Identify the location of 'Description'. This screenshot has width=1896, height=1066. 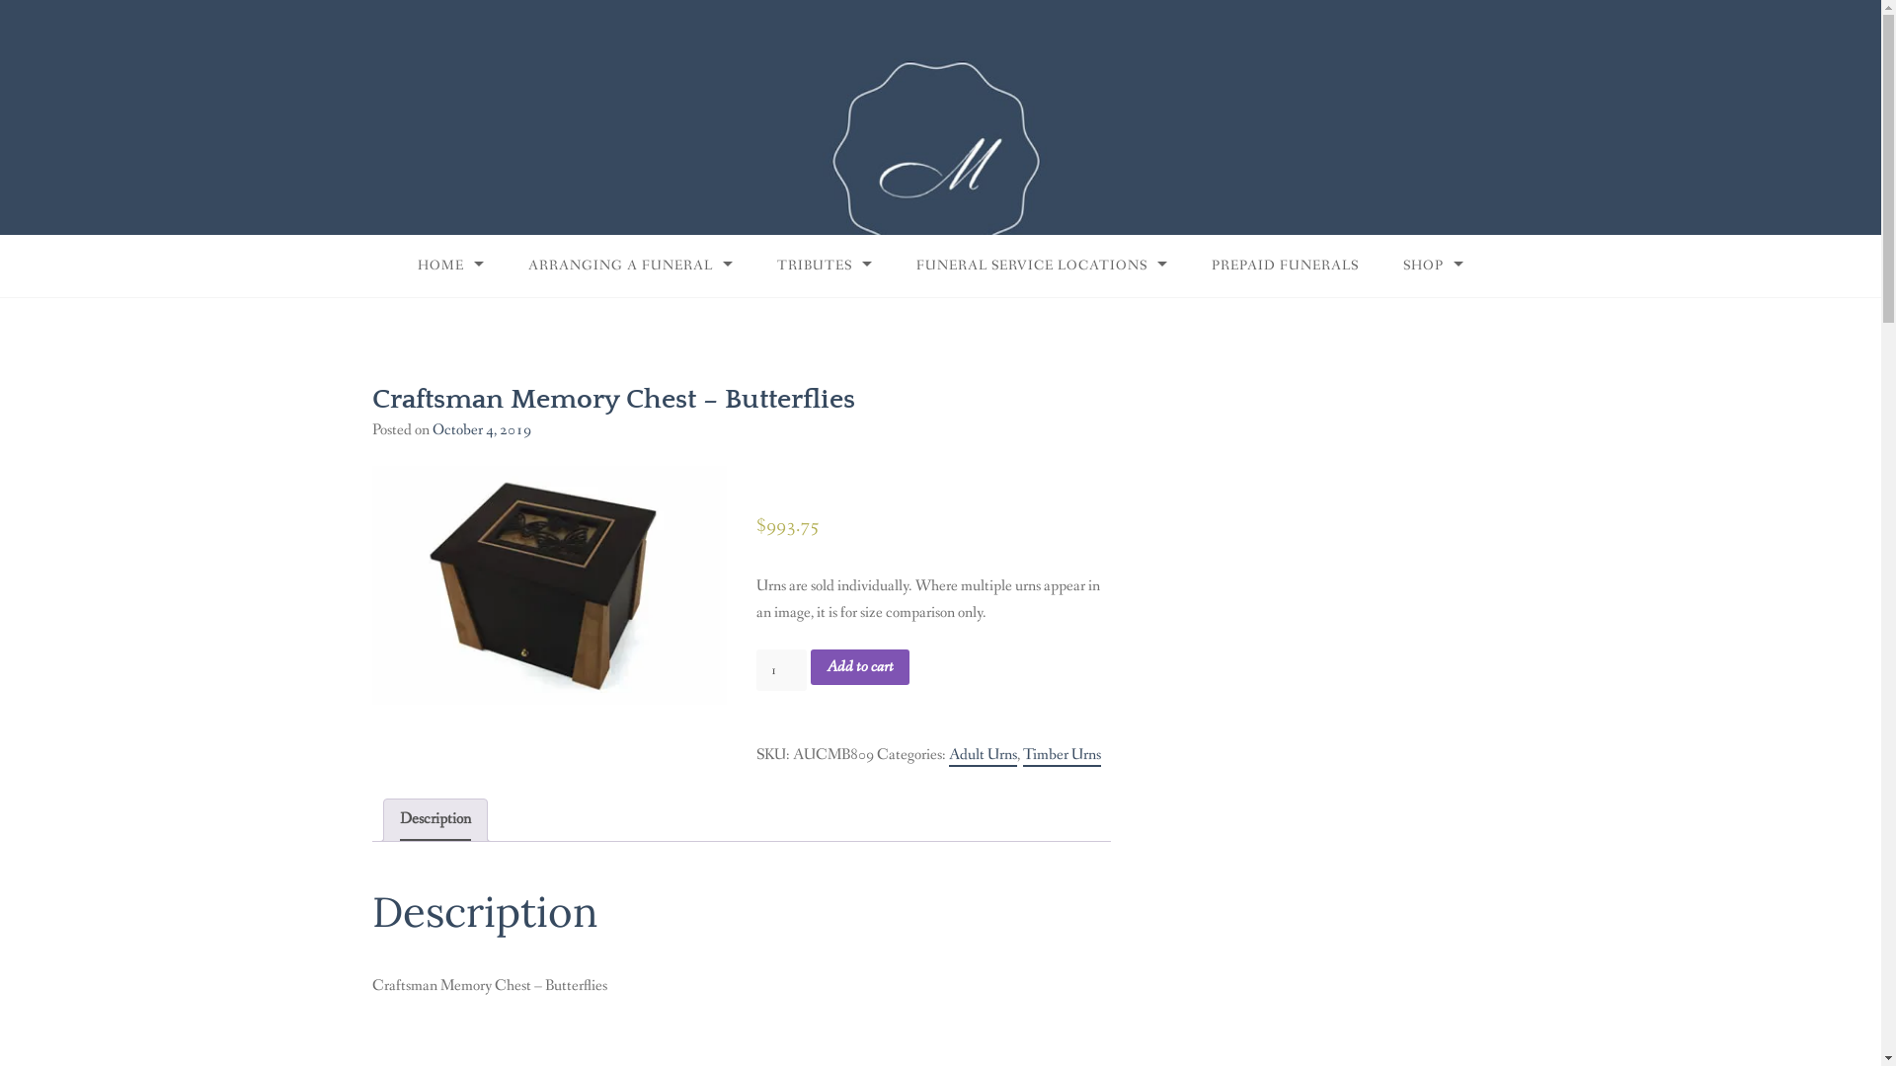
(434, 819).